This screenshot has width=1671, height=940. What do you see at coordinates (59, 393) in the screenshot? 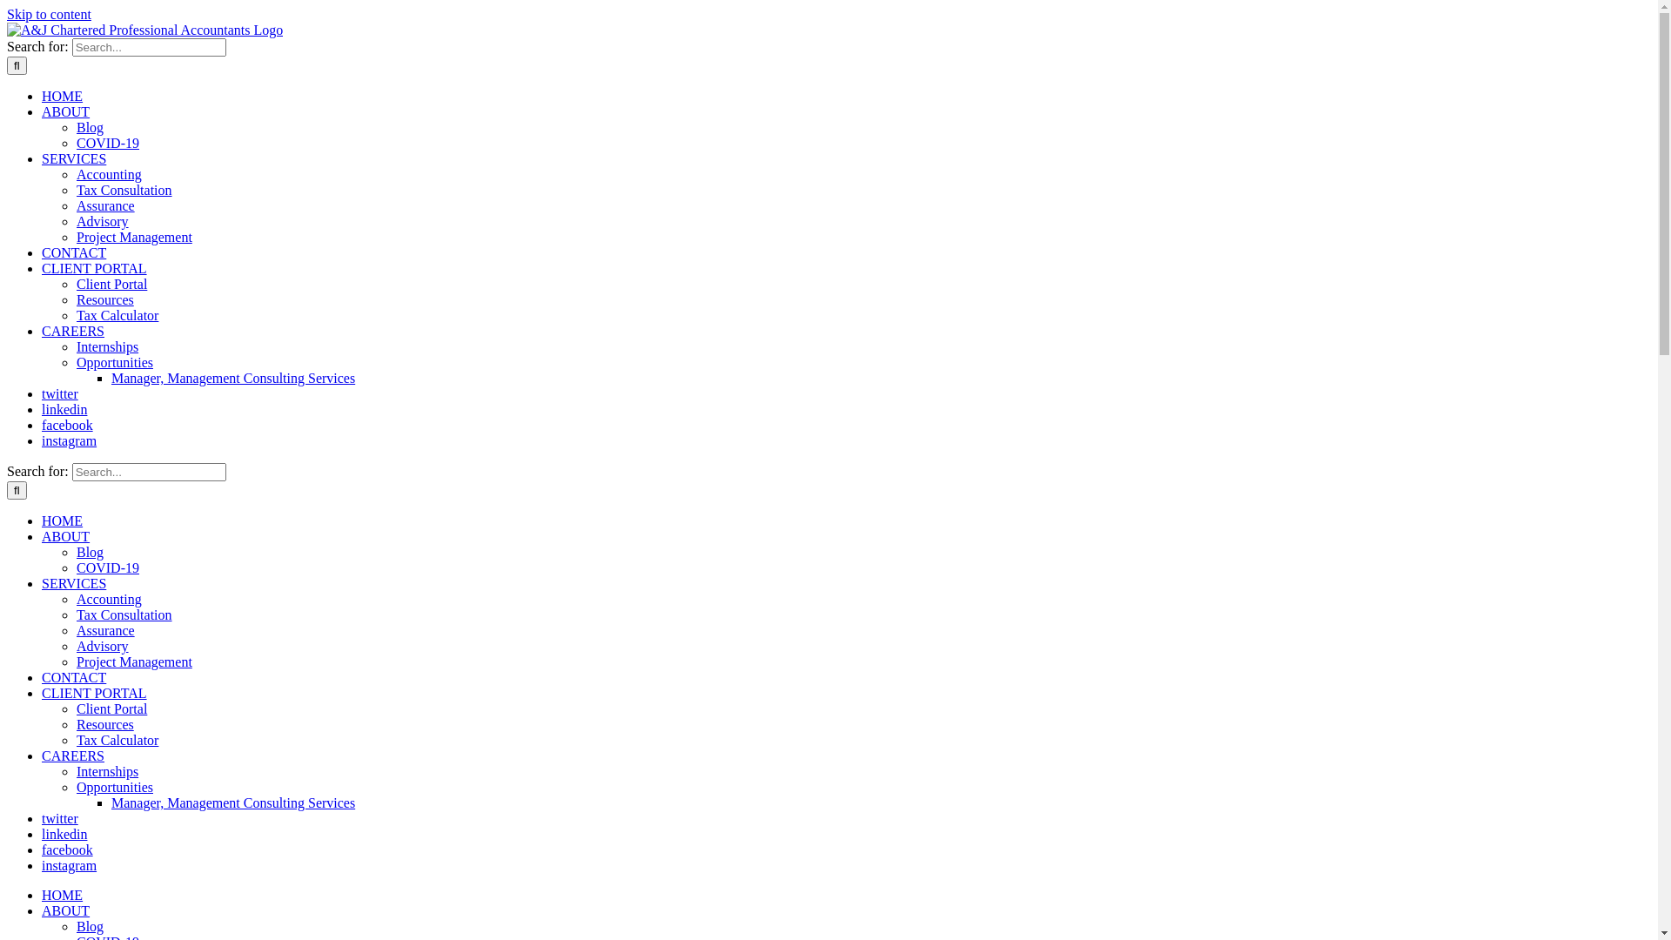
I see `'twitter'` at bounding box center [59, 393].